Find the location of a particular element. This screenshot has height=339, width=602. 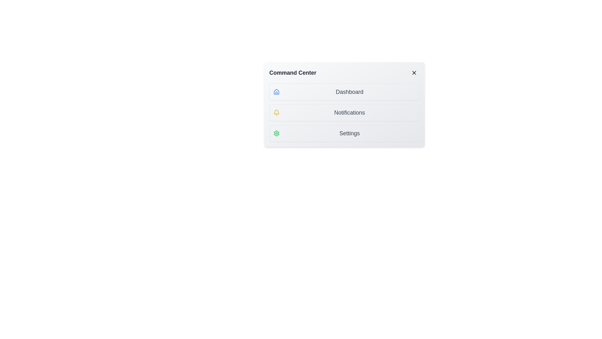

the 'Close Button' icon located in the top-right corner of the interface is located at coordinates (414, 72).